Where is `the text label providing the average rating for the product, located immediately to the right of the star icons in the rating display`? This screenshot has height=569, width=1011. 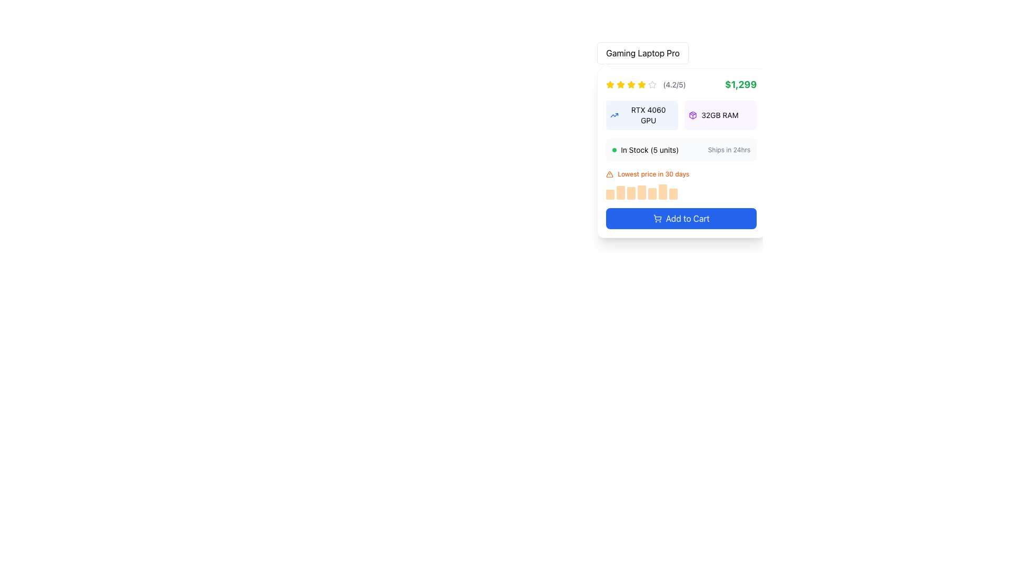
the text label providing the average rating for the product, located immediately to the right of the star icons in the rating display is located at coordinates (675, 84).